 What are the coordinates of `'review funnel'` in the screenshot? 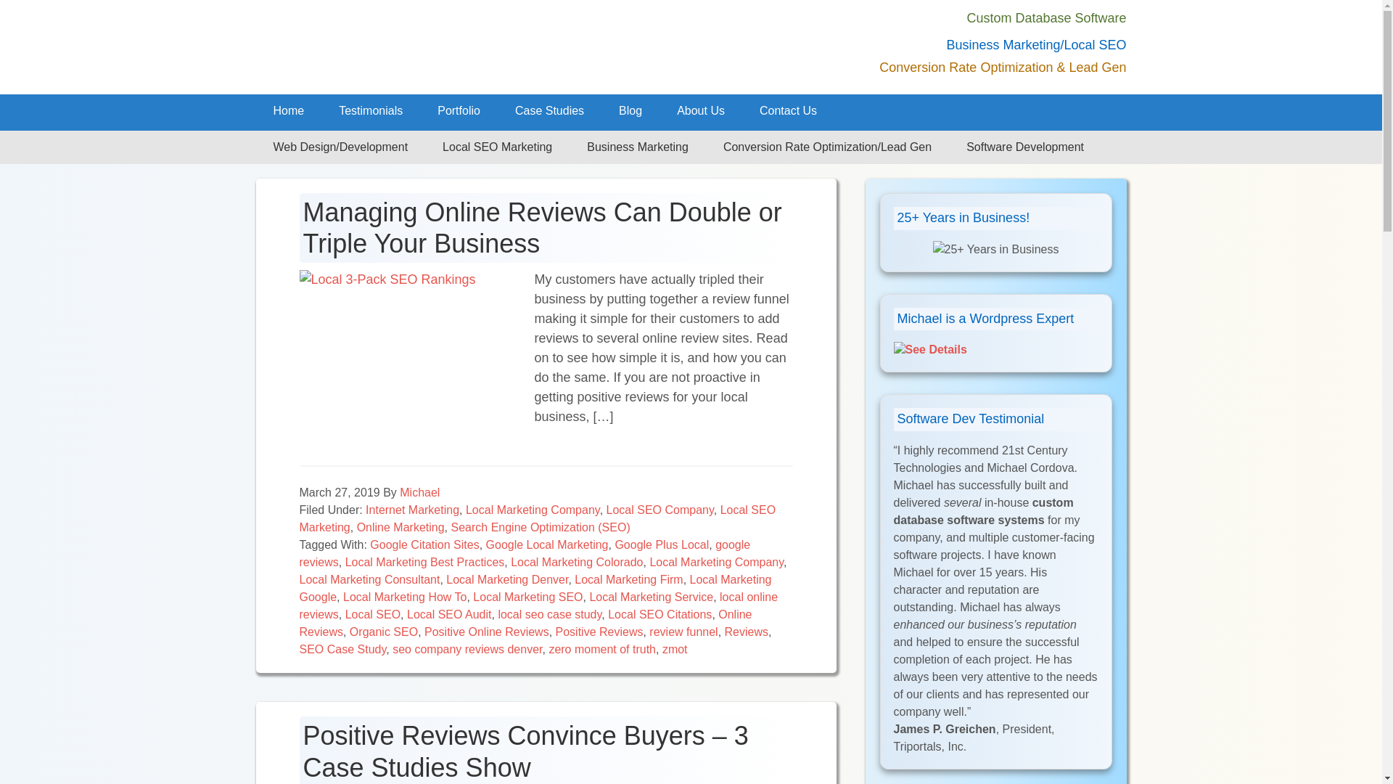 It's located at (648, 631).